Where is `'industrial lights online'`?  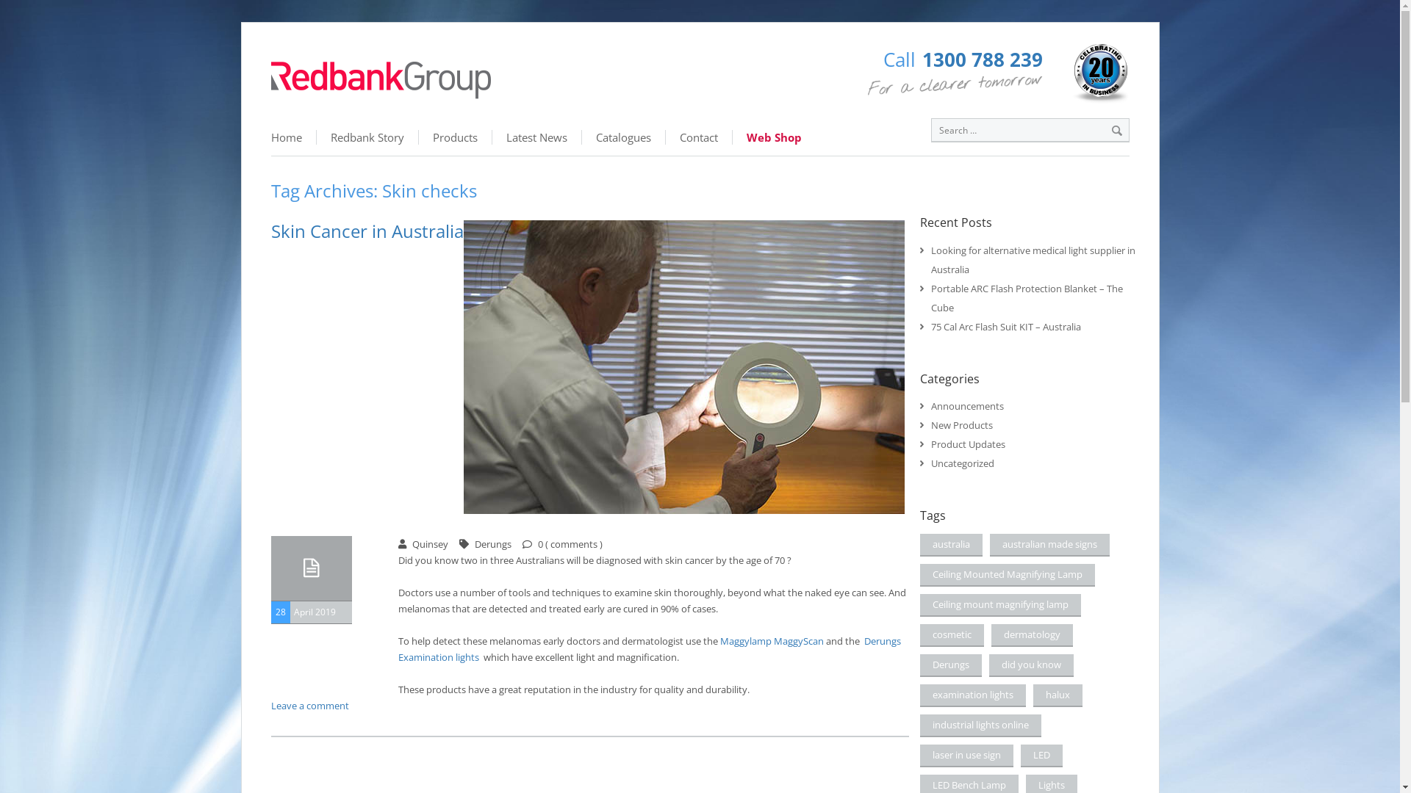 'industrial lights online' is located at coordinates (980, 725).